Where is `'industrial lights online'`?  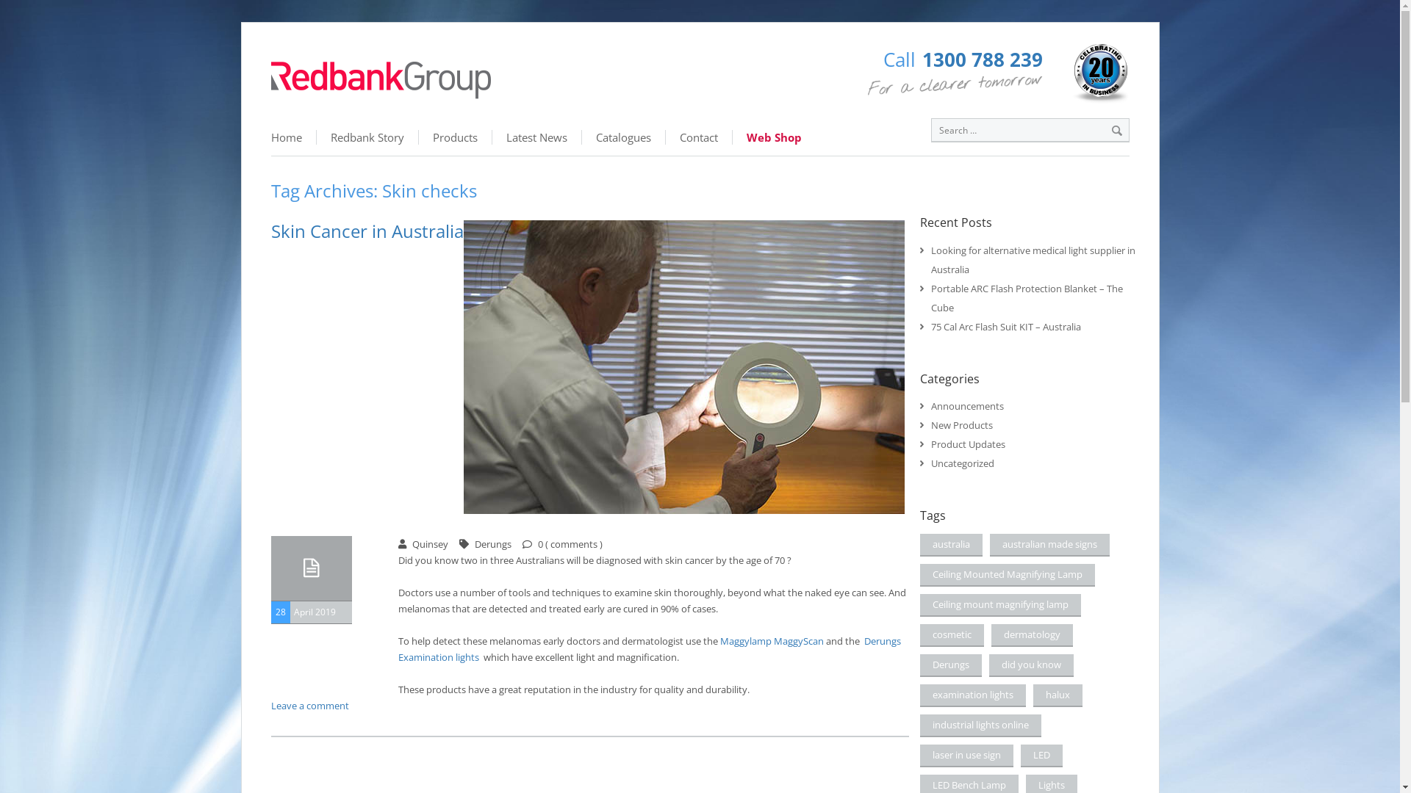 'industrial lights online' is located at coordinates (980, 725).